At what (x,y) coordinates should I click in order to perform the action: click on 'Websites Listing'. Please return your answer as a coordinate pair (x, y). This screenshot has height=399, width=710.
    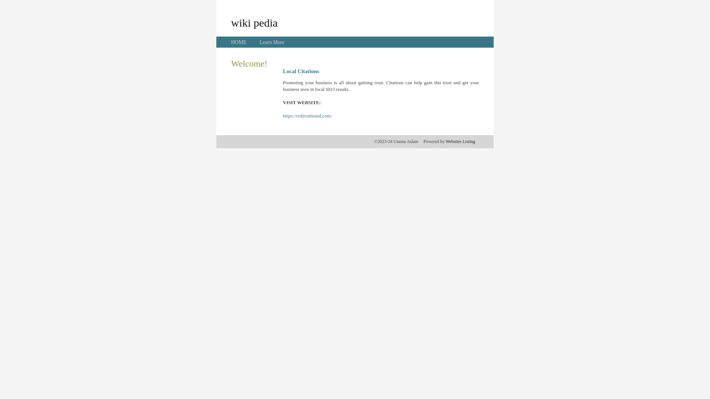
    Looking at the image, I should click on (460, 141).